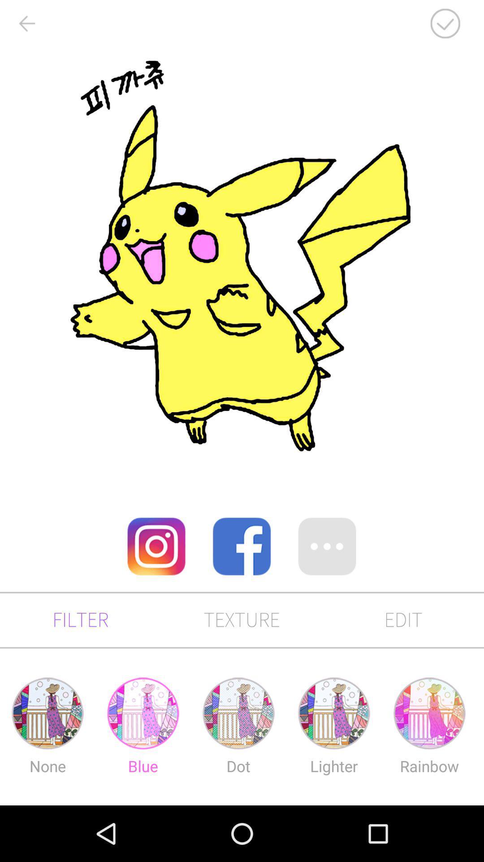  I want to click on item on the right, so click(327, 546).